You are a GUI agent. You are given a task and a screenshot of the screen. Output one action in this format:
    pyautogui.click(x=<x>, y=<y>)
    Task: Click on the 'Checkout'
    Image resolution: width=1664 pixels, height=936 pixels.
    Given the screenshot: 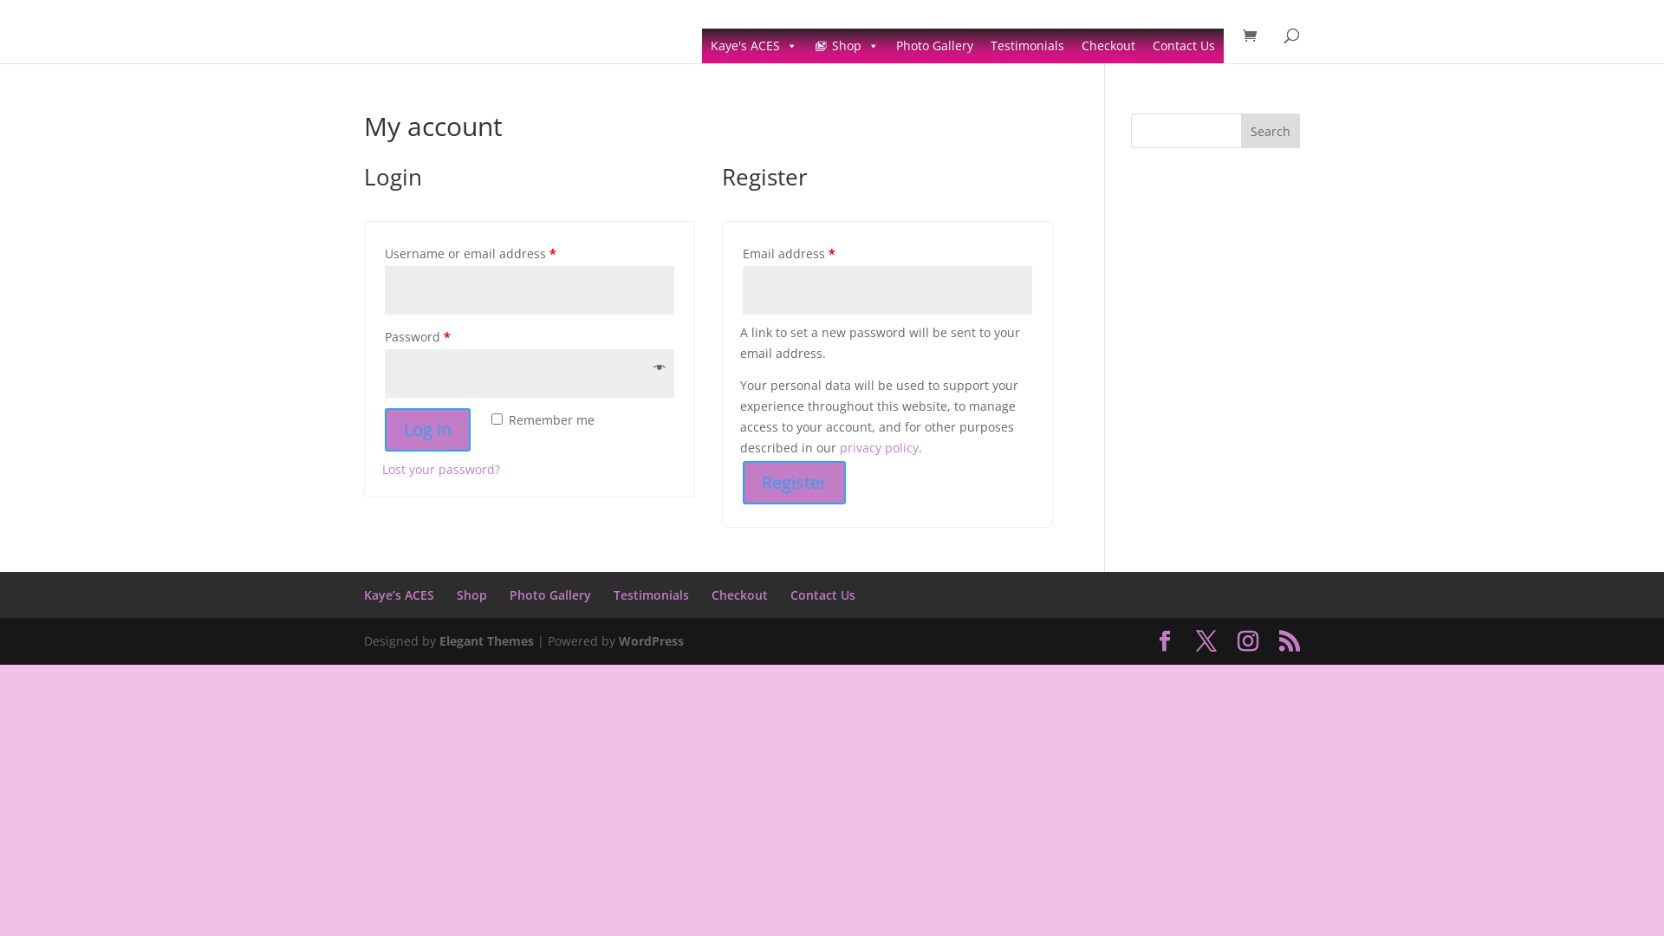 What is the action you would take?
    pyautogui.click(x=739, y=594)
    